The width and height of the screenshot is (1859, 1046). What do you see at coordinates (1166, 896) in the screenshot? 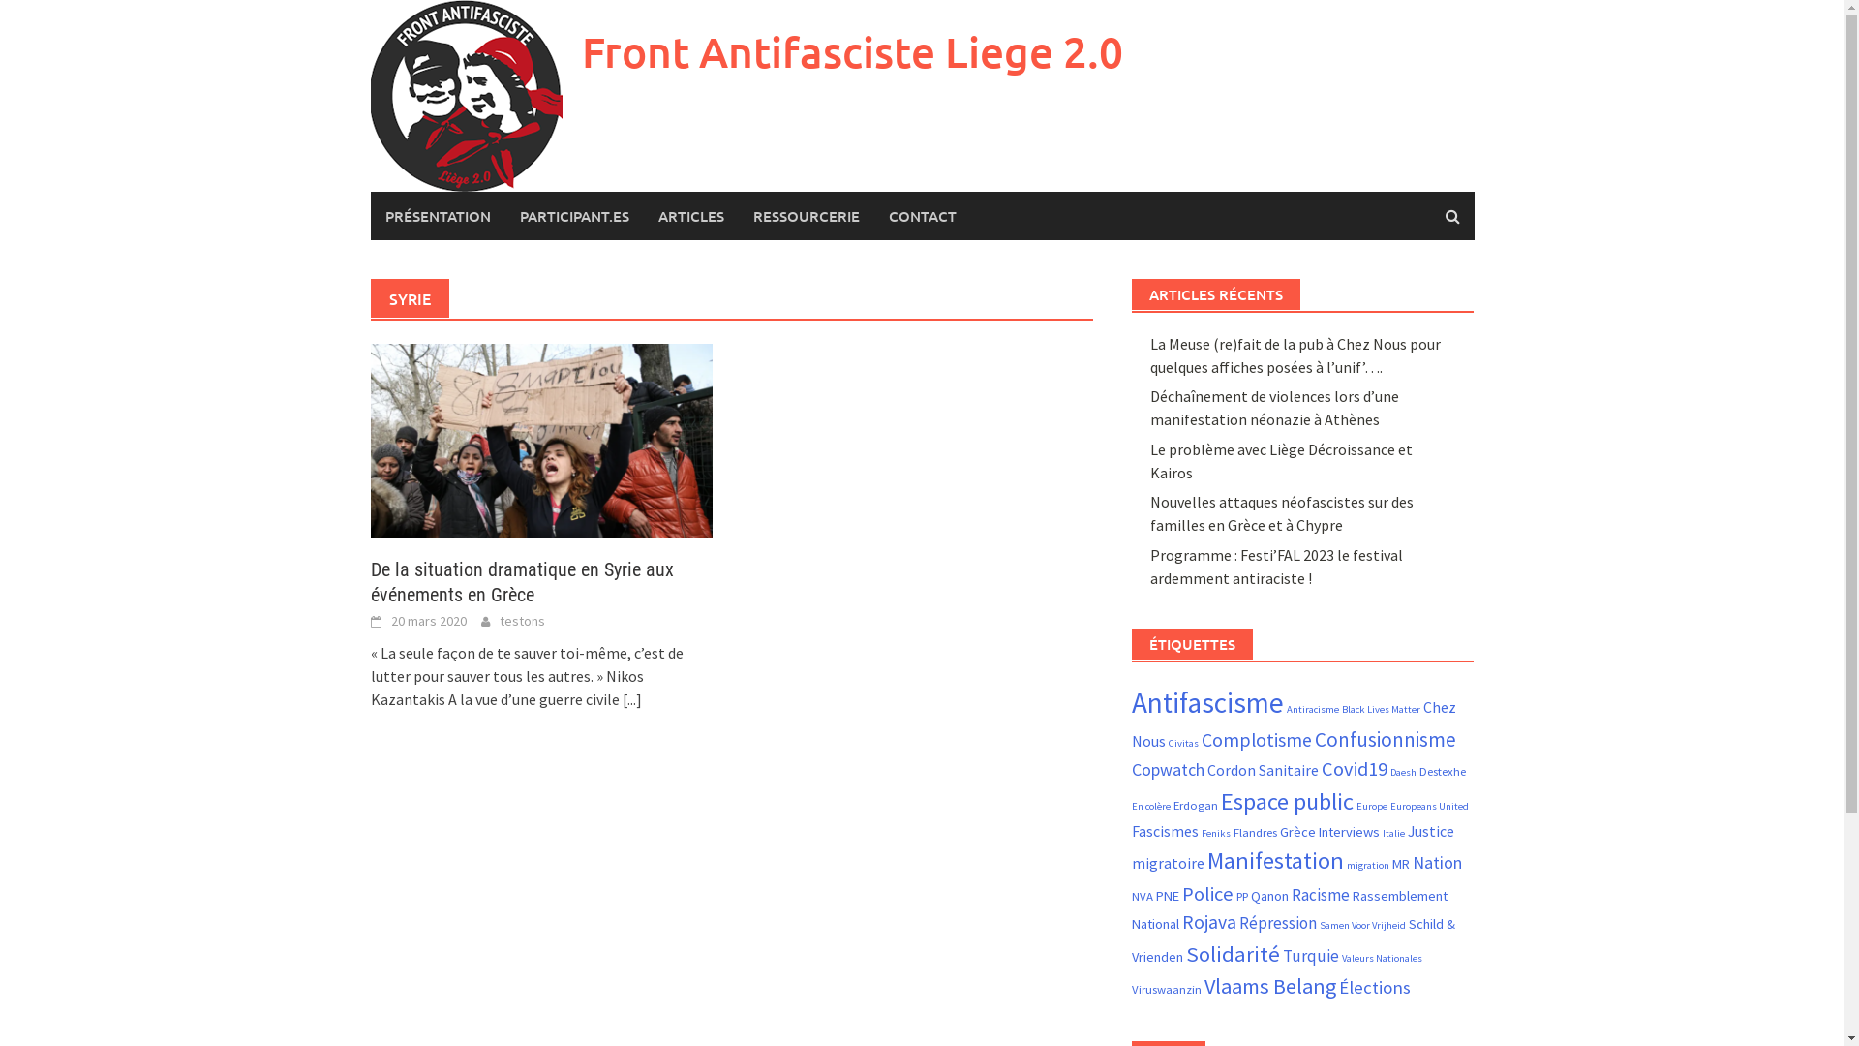
I see `'PNE'` at bounding box center [1166, 896].